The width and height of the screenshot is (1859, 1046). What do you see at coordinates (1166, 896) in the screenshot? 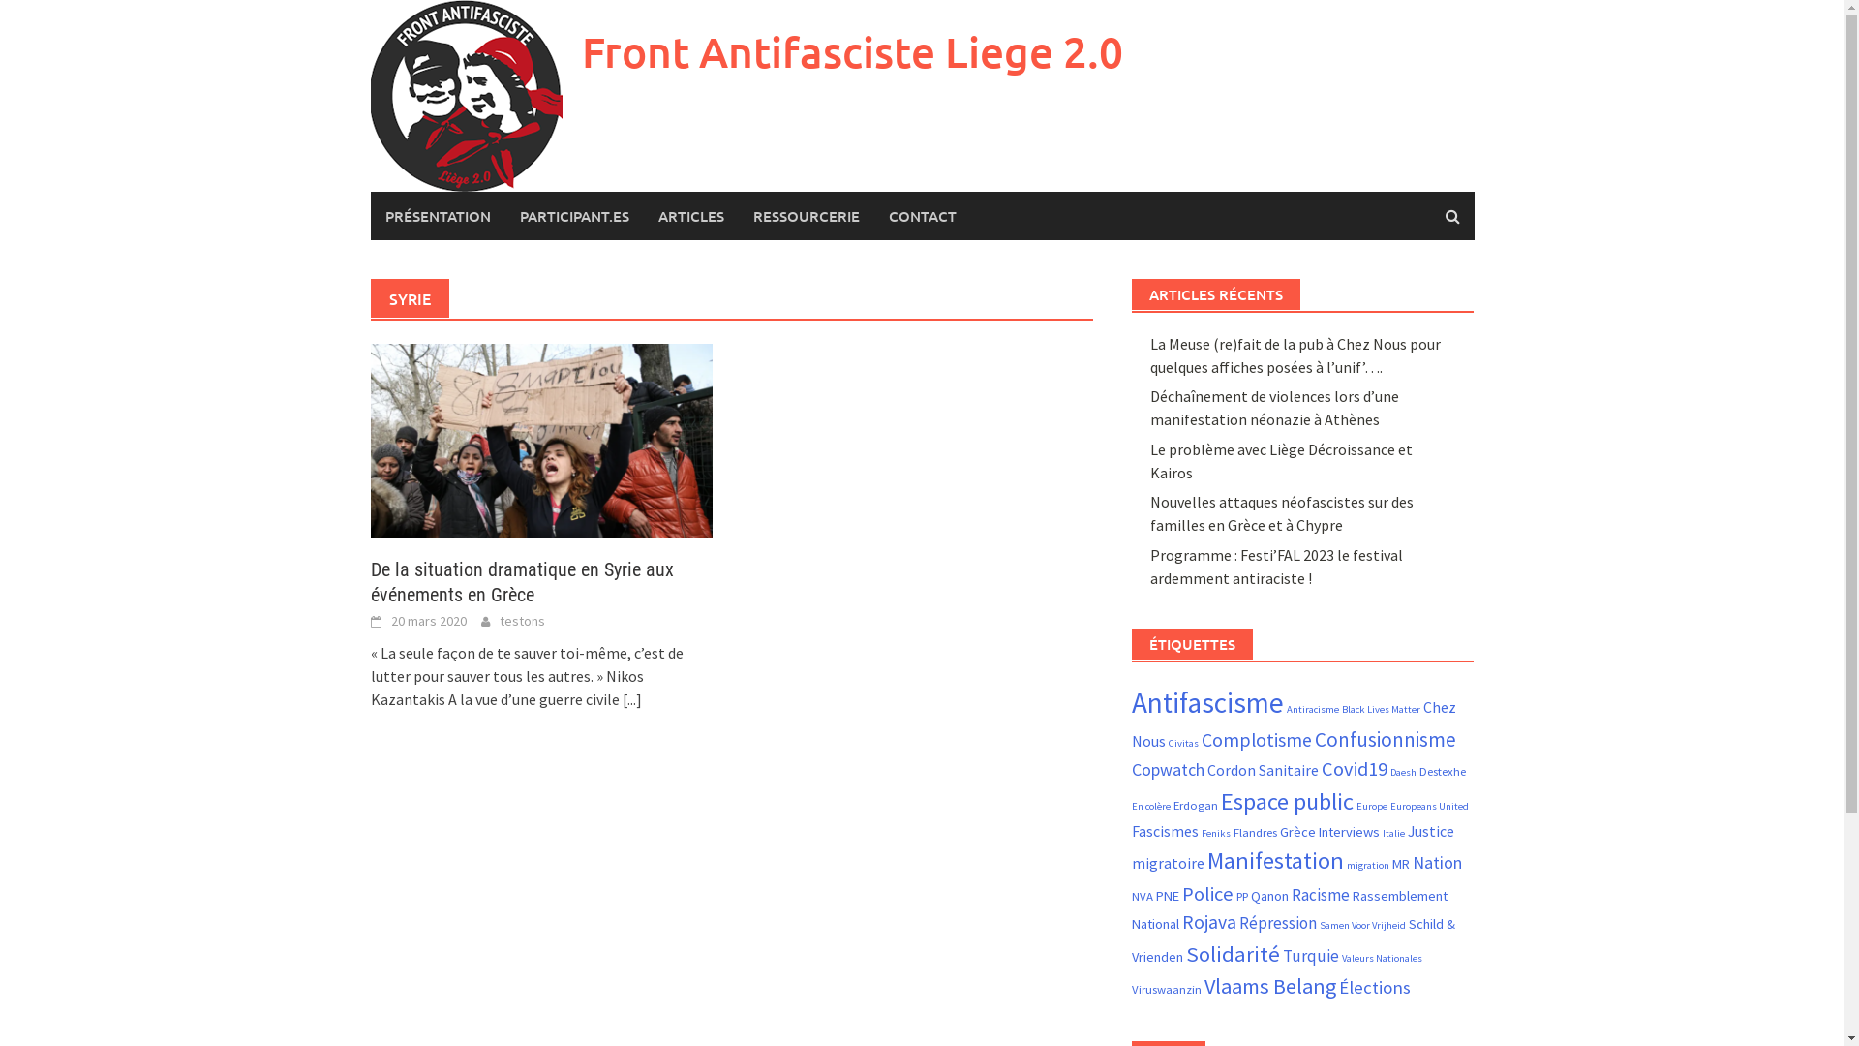
I see `'PNE'` at bounding box center [1166, 896].